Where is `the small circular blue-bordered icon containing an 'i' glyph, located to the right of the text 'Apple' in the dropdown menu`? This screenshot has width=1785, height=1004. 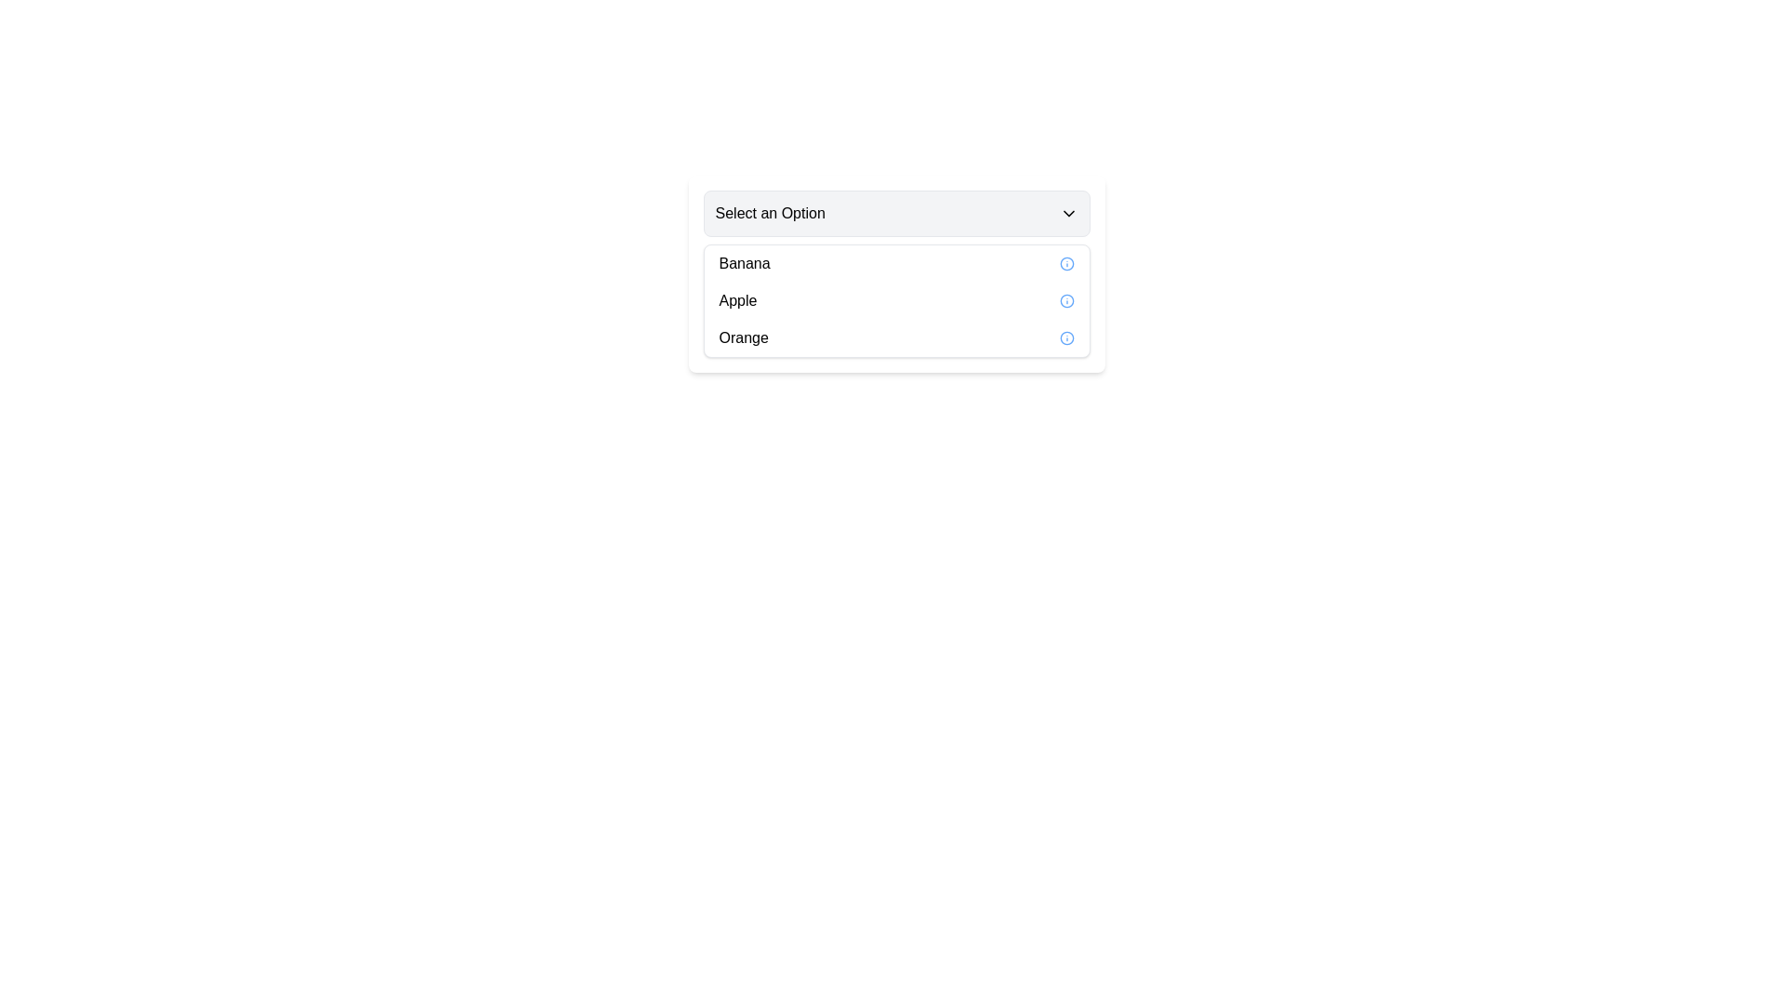 the small circular blue-bordered icon containing an 'i' glyph, located to the right of the text 'Apple' in the dropdown menu is located at coordinates (1066, 300).